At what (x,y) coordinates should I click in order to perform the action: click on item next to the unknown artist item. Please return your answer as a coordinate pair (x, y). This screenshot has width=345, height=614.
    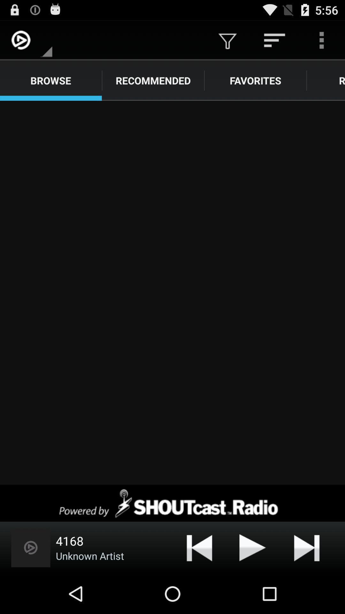
    Looking at the image, I should click on (199, 547).